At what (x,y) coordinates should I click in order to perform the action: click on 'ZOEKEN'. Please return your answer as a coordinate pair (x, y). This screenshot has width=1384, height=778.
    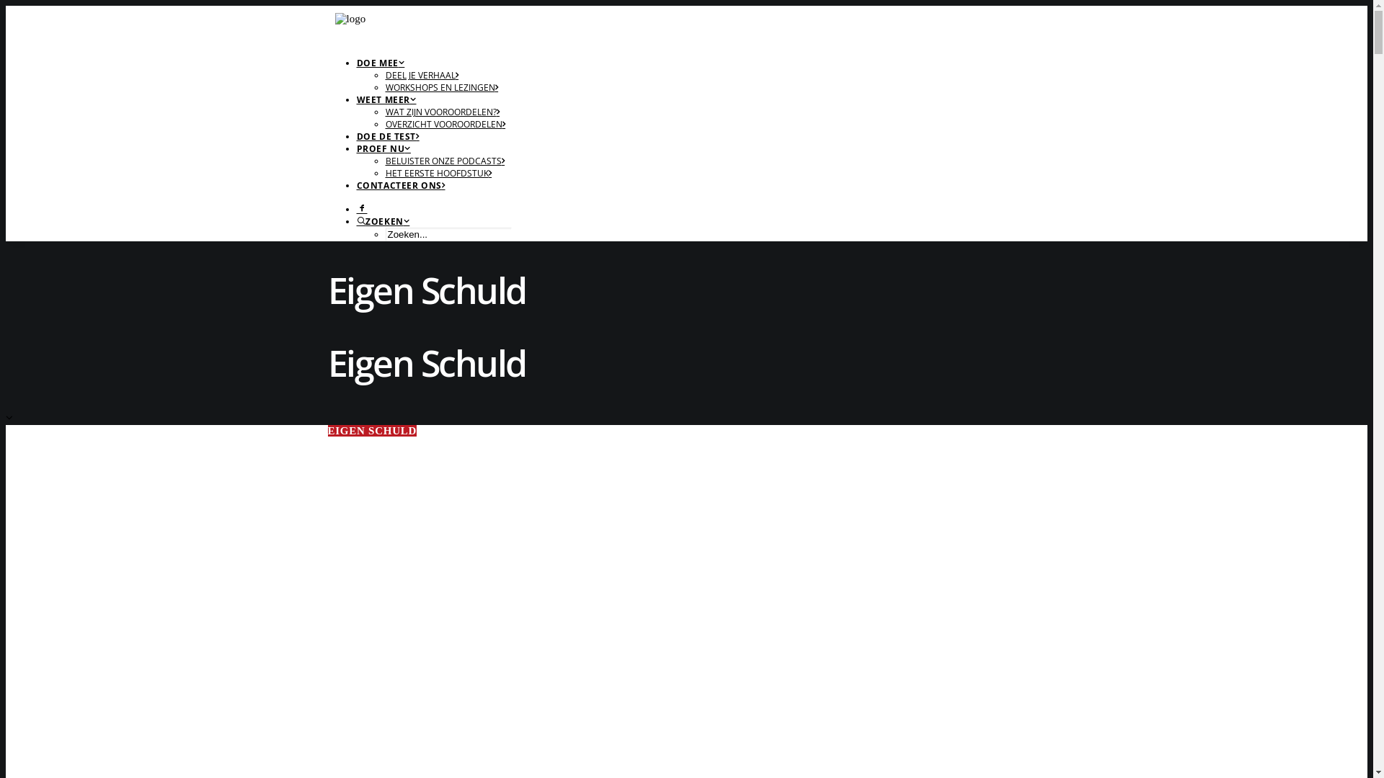
    Looking at the image, I should click on (383, 221).